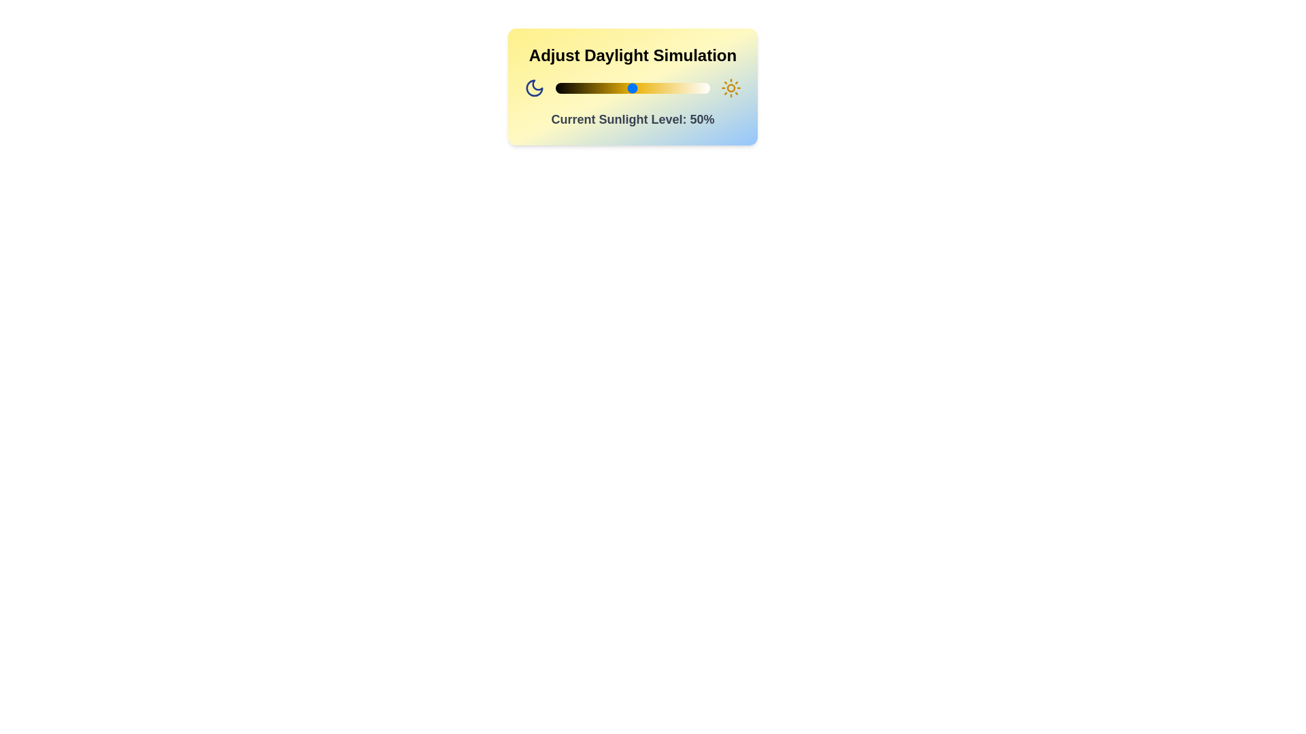 This screenshot has width=1306, height=734. I want to click on the Sun icon to adjust the daylight simulation, so click(730, 88).